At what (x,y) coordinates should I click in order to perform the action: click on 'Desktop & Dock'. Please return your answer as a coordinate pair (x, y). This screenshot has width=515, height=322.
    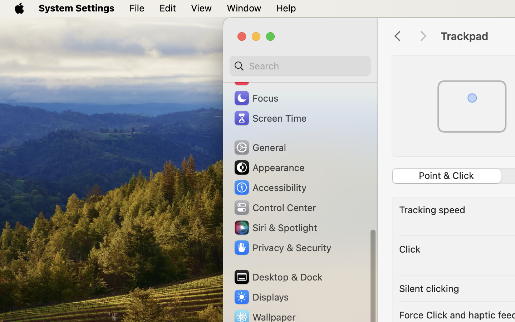
    Looking at the image, I should click on (278, 277).